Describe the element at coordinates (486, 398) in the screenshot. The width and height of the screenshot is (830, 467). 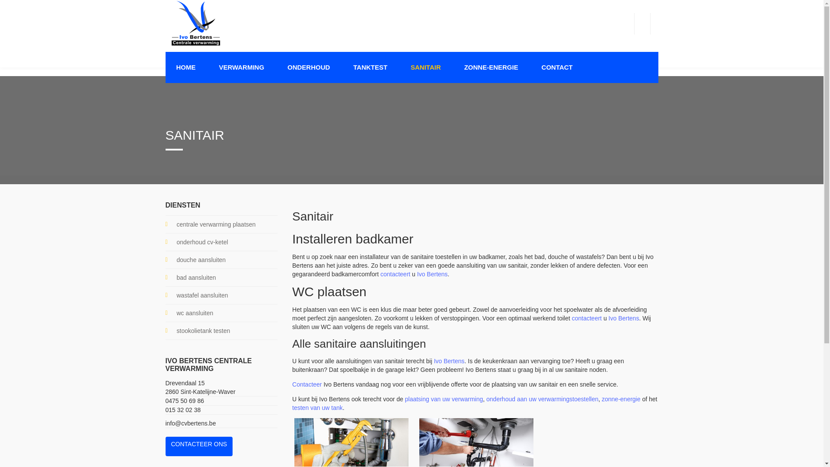
I see `'onderhoud aan uw verwarmingstoestellen'` at that location.